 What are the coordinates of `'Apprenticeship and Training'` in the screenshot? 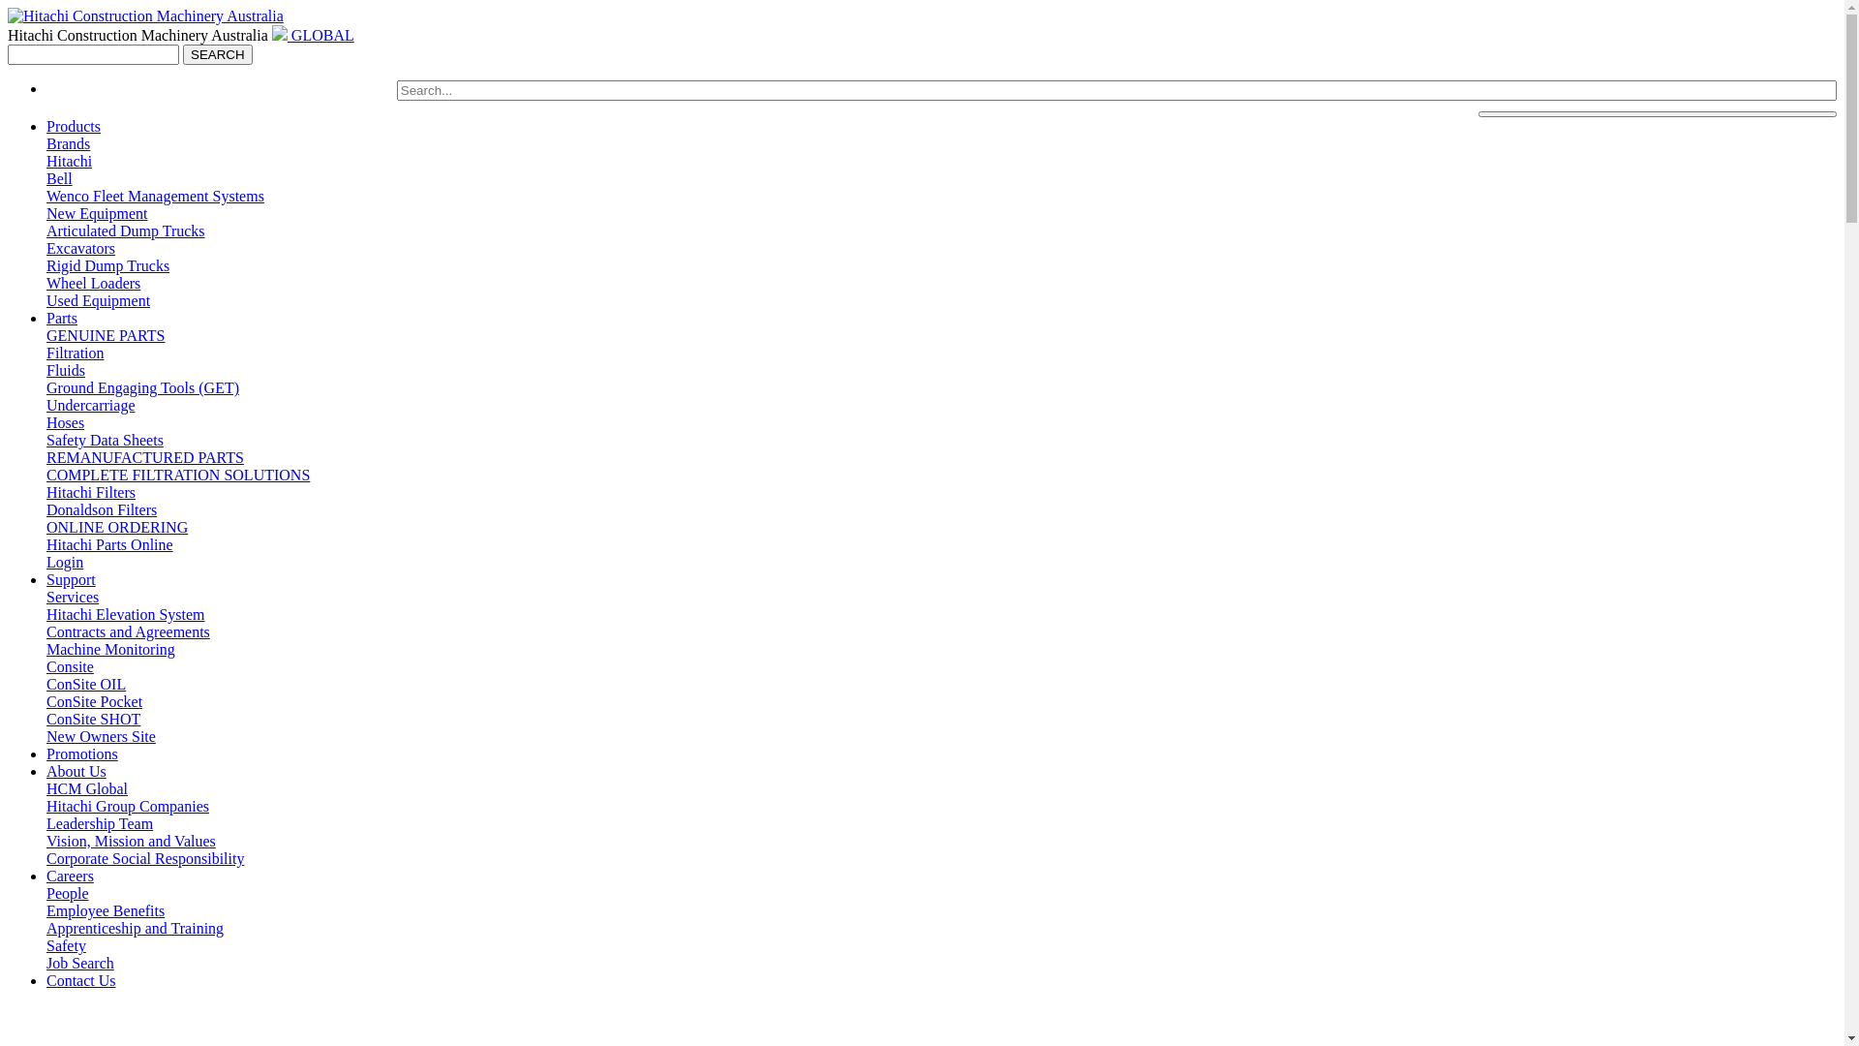 It's located at (46, 927).